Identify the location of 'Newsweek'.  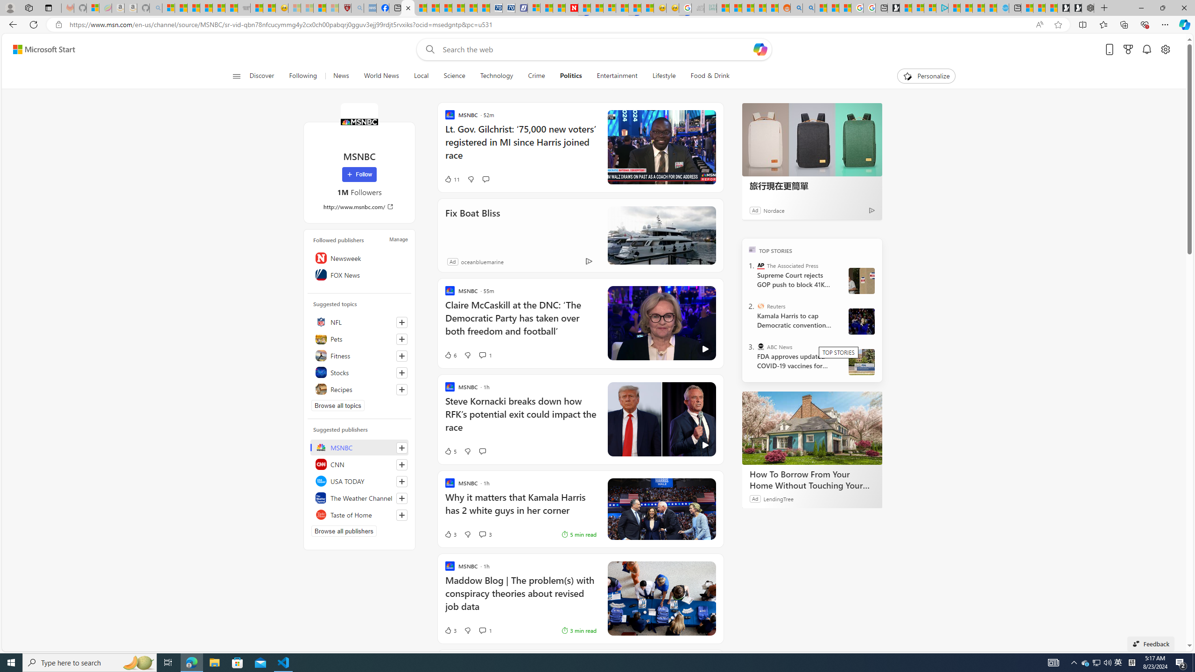
(359, 257).